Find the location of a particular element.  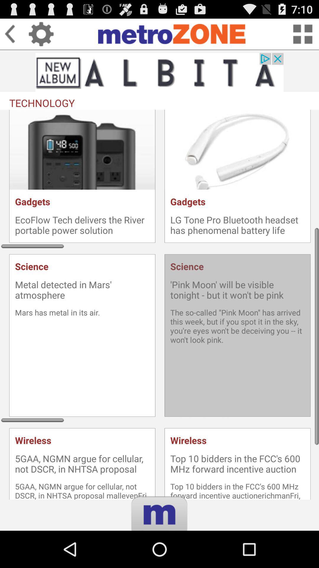

the pause icon is located at coordinates (159, 555).